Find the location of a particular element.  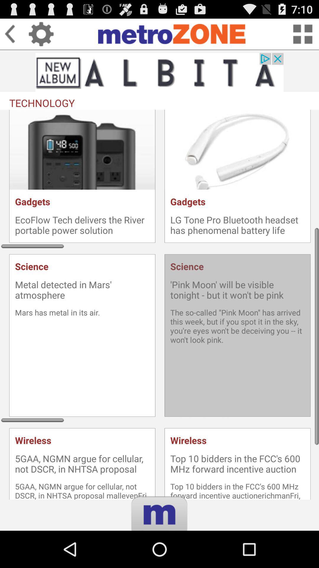

the pause icon is located at coordinates (159, 555).